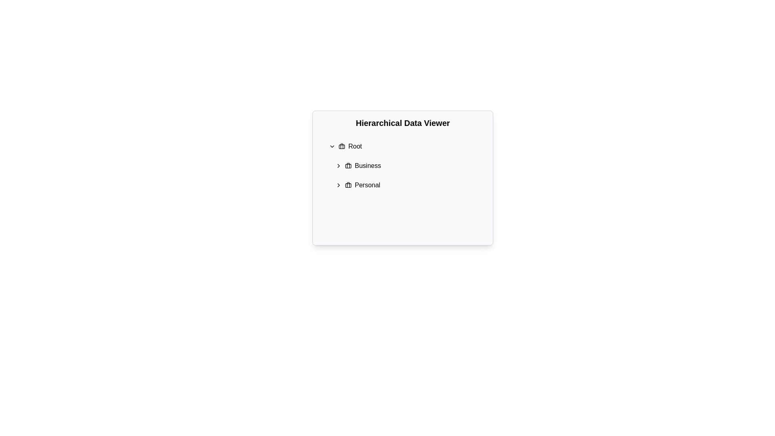 This screenshot has height=436, width=775. I want to click on the text label that serves as the title for the content, positioned centrally at the top edge of the white card containing the hierarchical list, so click(403, 123).